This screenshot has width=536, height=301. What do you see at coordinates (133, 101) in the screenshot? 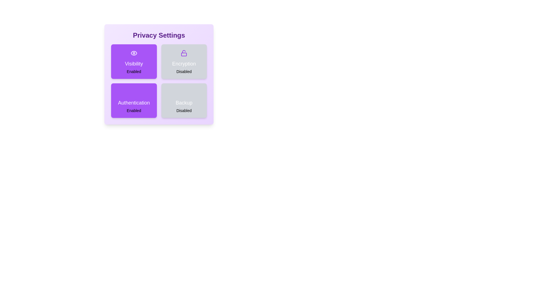
I see `the Authentication card to observe its animation` at bounding box center [133, 101].